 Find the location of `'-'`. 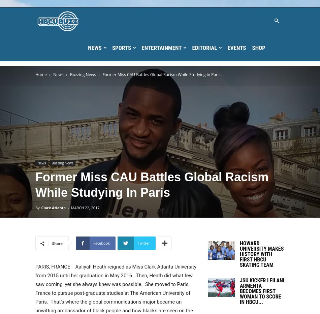

'-' is located at coordinates (68, 207).